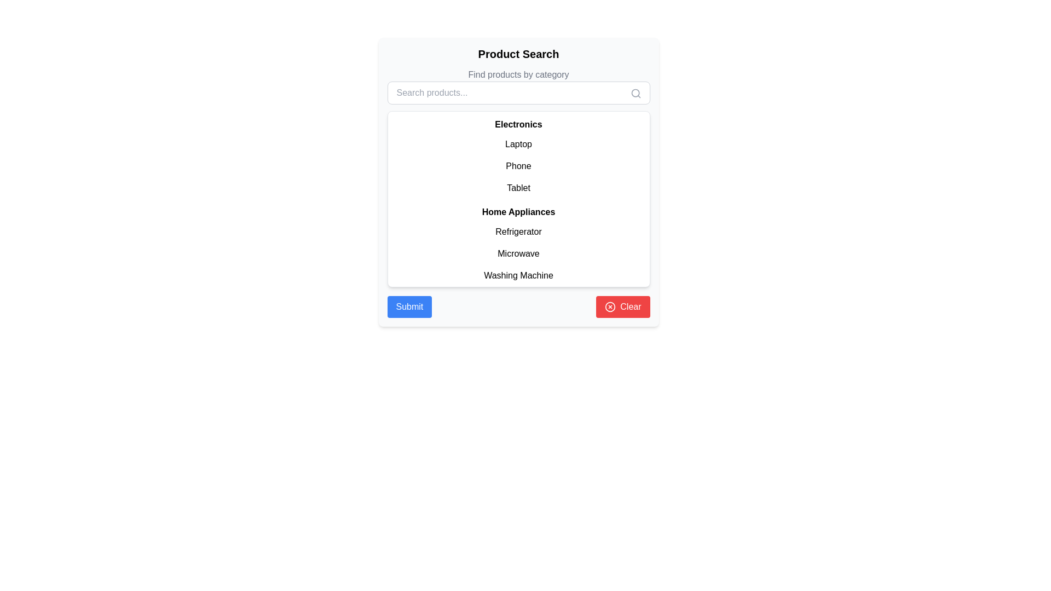  Describe the element at coordinates (518, 231) in the screenshot. I see `the 'Refrigerator' category text label in the product search interface` at that location.